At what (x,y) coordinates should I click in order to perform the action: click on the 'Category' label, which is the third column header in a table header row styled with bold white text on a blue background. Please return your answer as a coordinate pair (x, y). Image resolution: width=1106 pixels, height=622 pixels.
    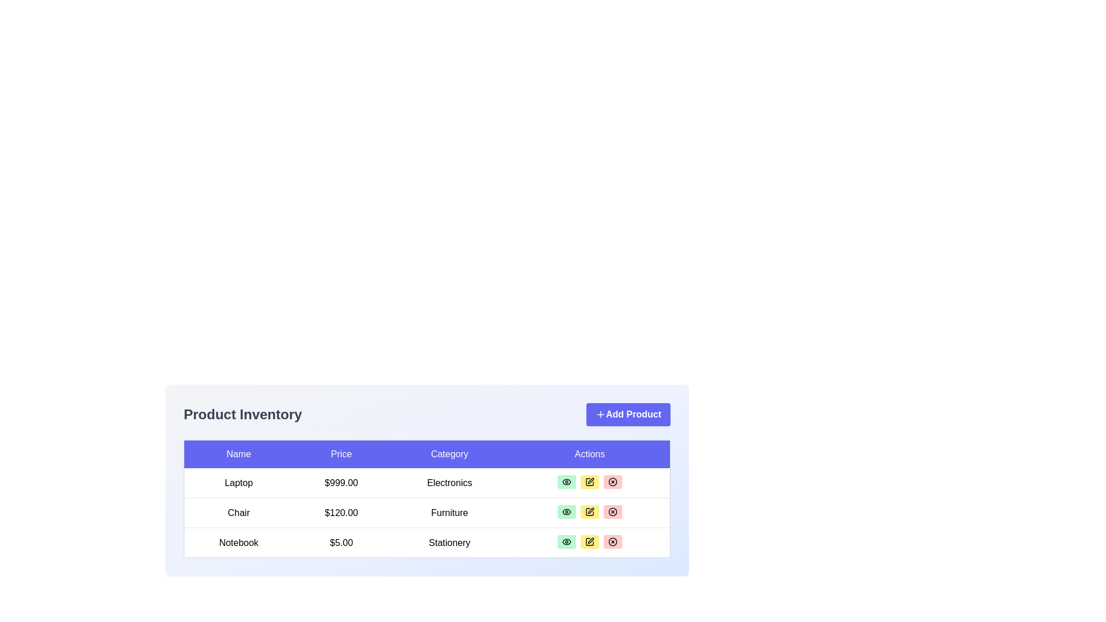
    Looking at the image, I should click on (449, 453).